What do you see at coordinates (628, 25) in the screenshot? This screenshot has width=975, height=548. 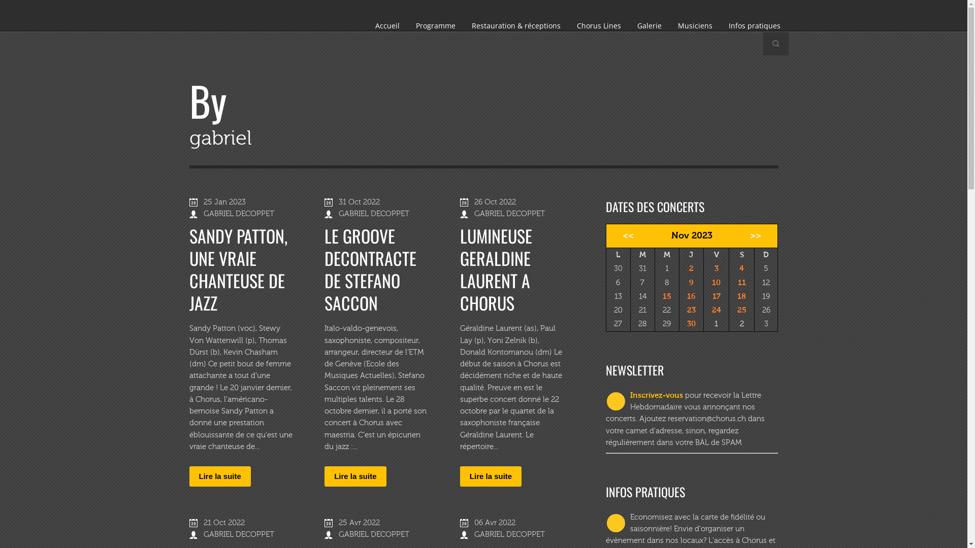 I see `'Galerie'` at bounding box center [628, 25].